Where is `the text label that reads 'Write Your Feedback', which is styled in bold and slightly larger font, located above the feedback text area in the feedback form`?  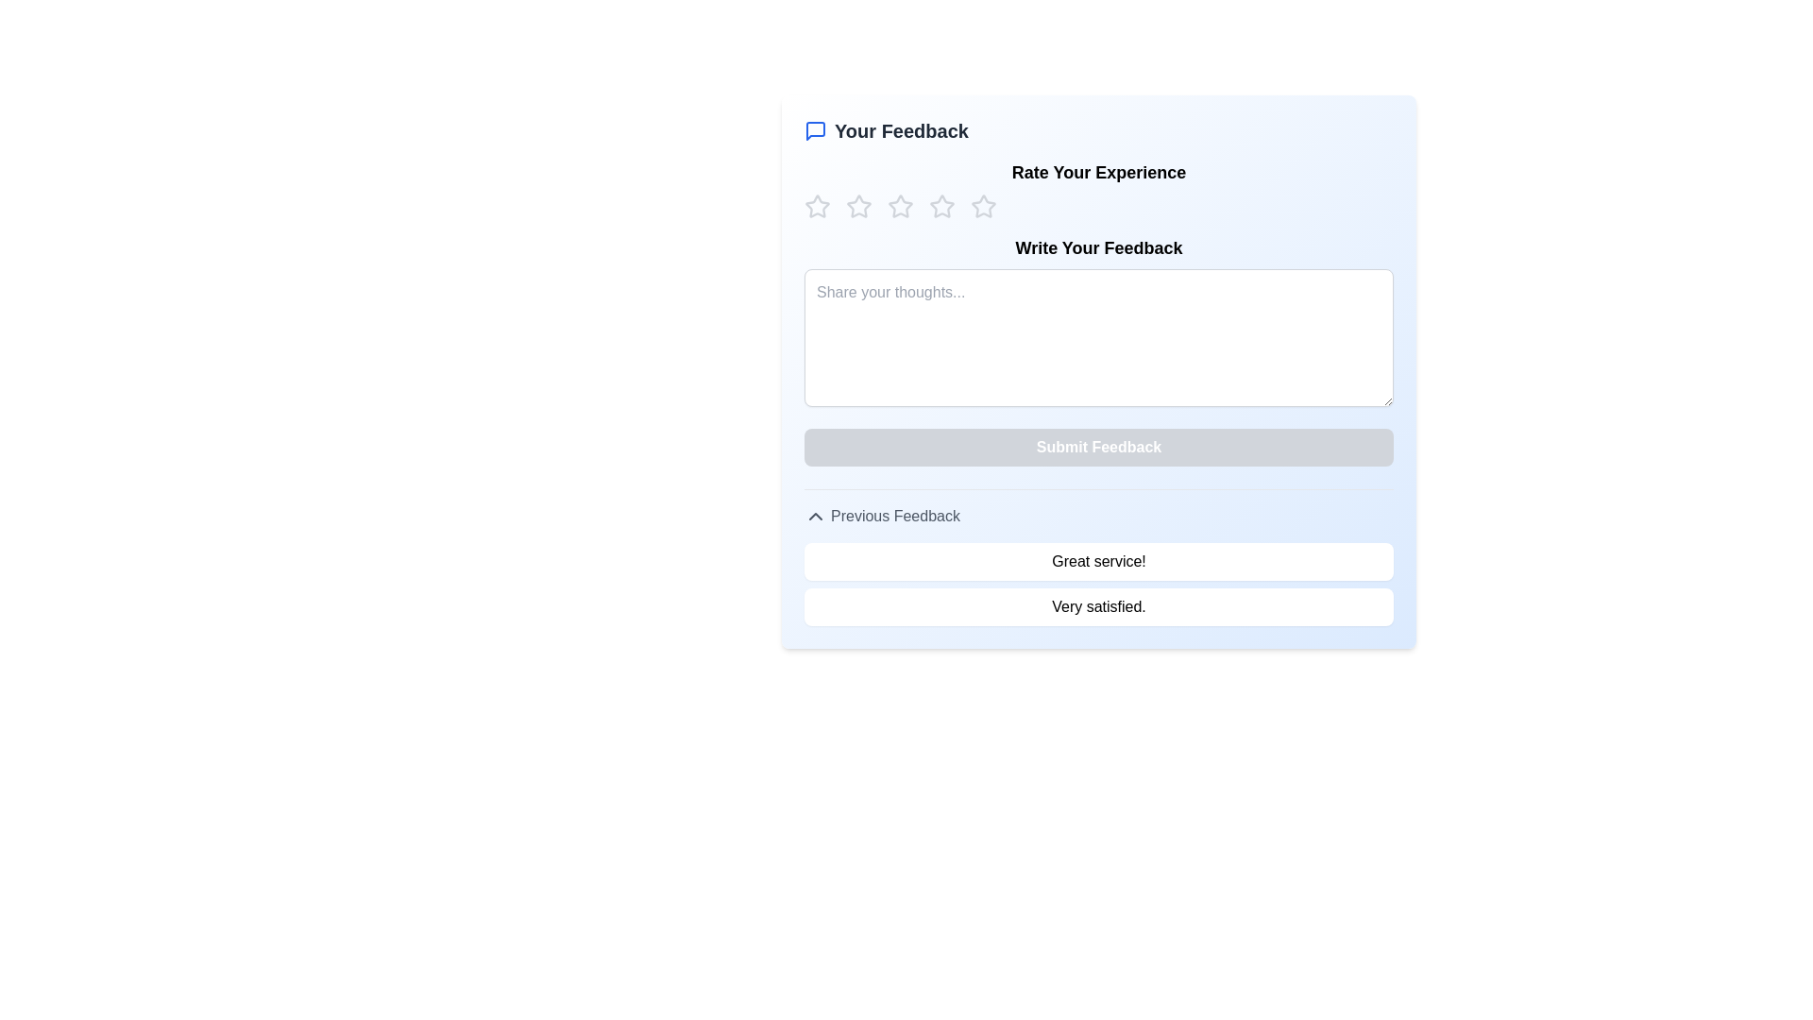 the text label that reads 'Write Your Feedback', which is styled in bold and slightly larger font, located above the feedback text area in the feedback form is located at coordinates (1098, 246).